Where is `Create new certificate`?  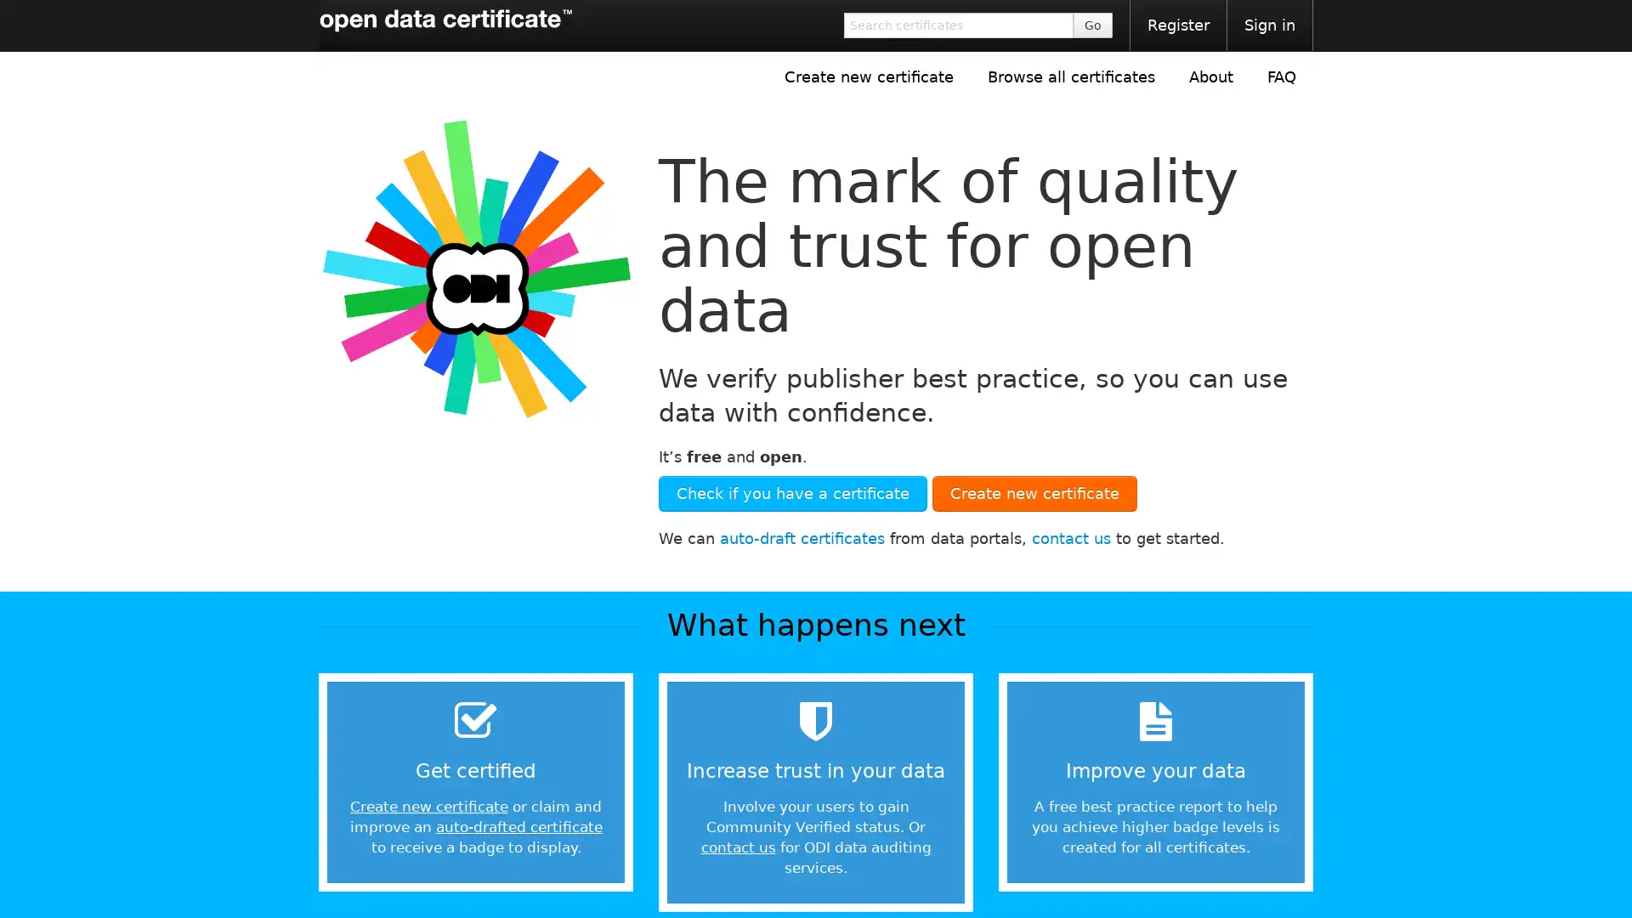 Create new certificate is located at coordinates (1034, 494).